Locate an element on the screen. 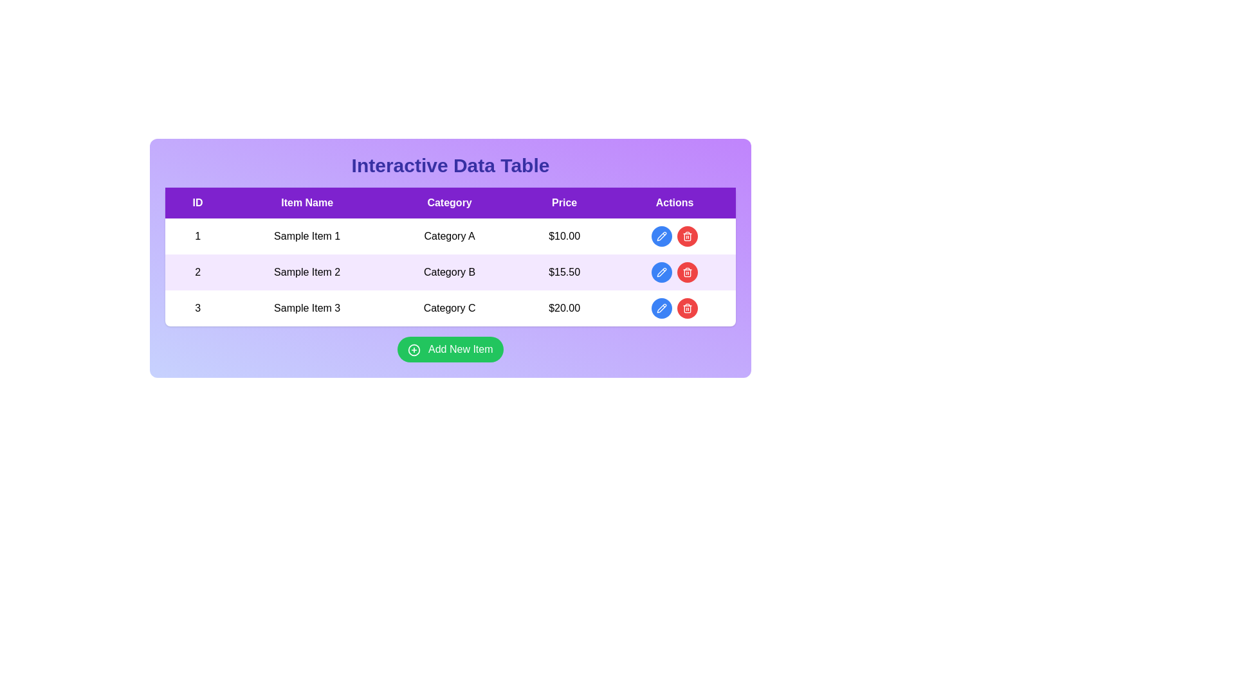  the 'Add New Item' button with a green background and rounded corners is located at coordinates (450, 349).